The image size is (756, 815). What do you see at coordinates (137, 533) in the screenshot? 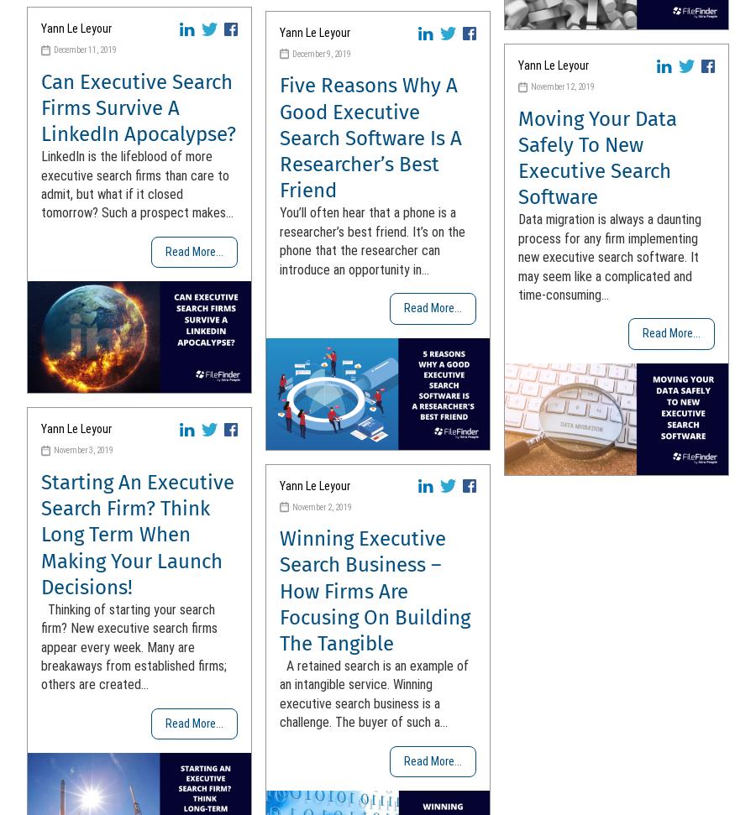
I see `'Starting An Executive Search Firm? Think Long Term When Making Your Launch Decisions!'` at bounding box center [137, 533].